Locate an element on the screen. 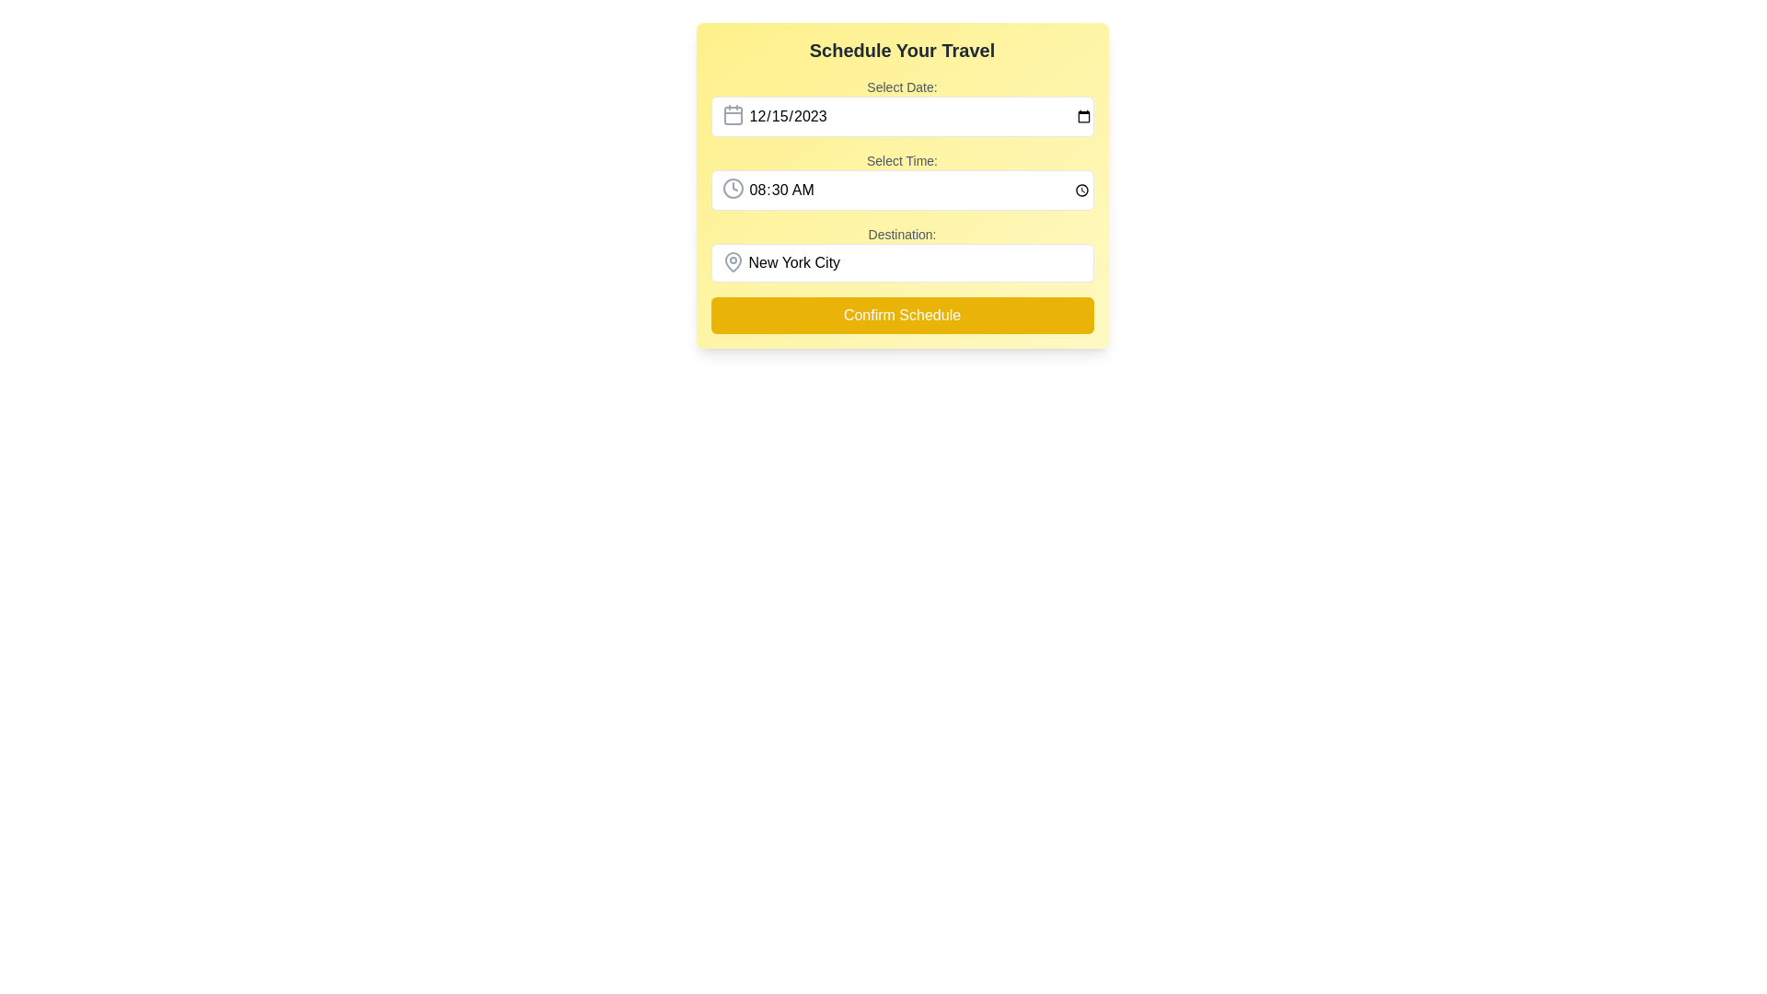  the Time selection input field labeled 'Select Time:' to enable editing is located at coordinates (902, 180).